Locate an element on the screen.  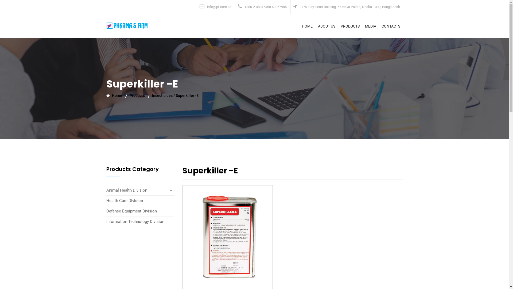
'HOME' is located at coordinates (307, 26).